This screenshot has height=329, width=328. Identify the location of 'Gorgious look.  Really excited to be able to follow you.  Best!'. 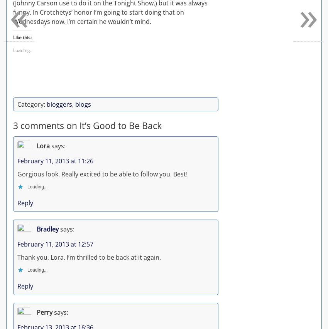
(102, 173).